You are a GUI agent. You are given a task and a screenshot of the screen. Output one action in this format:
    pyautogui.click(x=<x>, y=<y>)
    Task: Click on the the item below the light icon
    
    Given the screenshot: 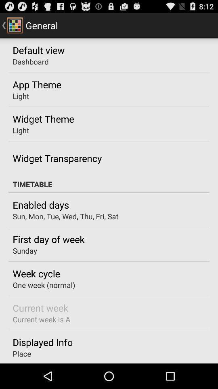 What is the action you would take?
    pyautogui.click(x=57, y=158)
    